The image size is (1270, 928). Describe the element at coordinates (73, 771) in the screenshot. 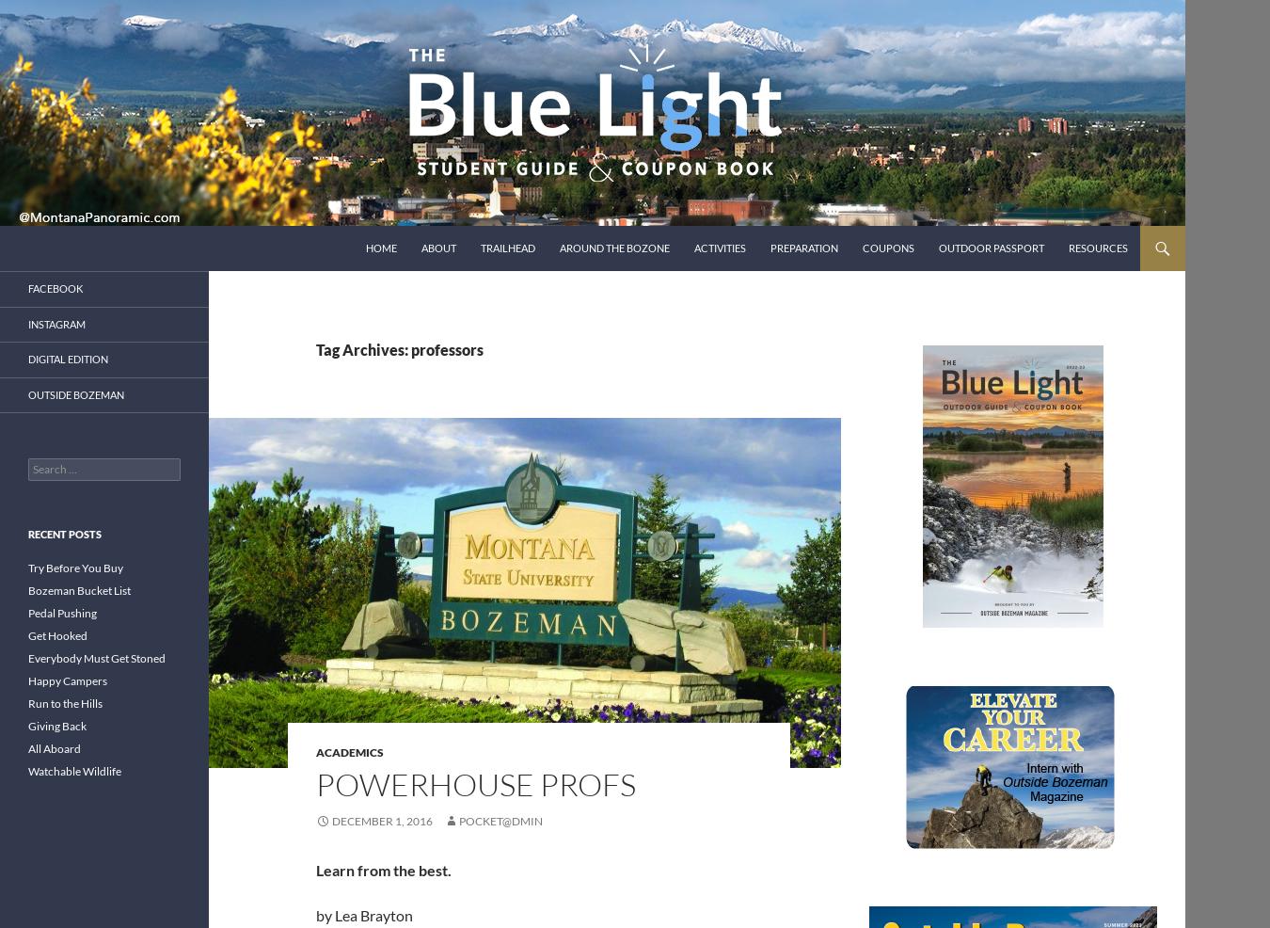

I see `'Watchable Wildlife'` at that location.